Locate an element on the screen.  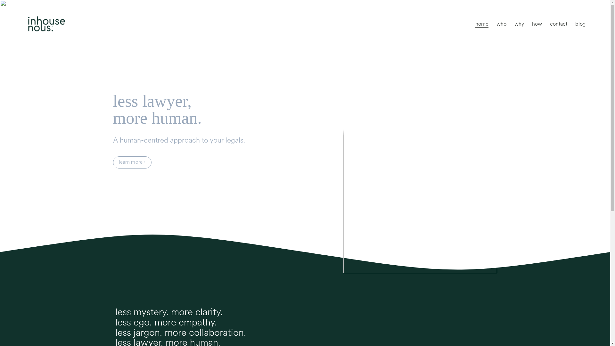
'how' is located at coordinates (537, 23).